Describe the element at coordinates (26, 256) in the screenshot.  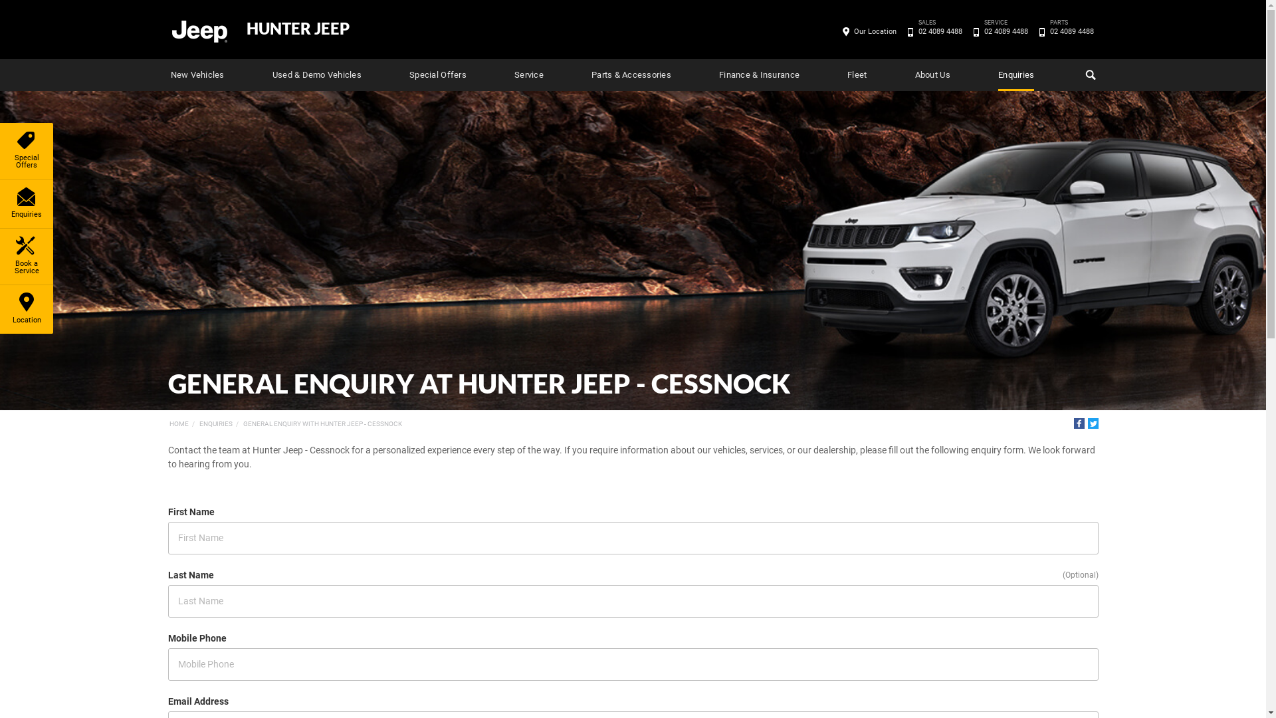
I see `'Book a Service'` at that location.